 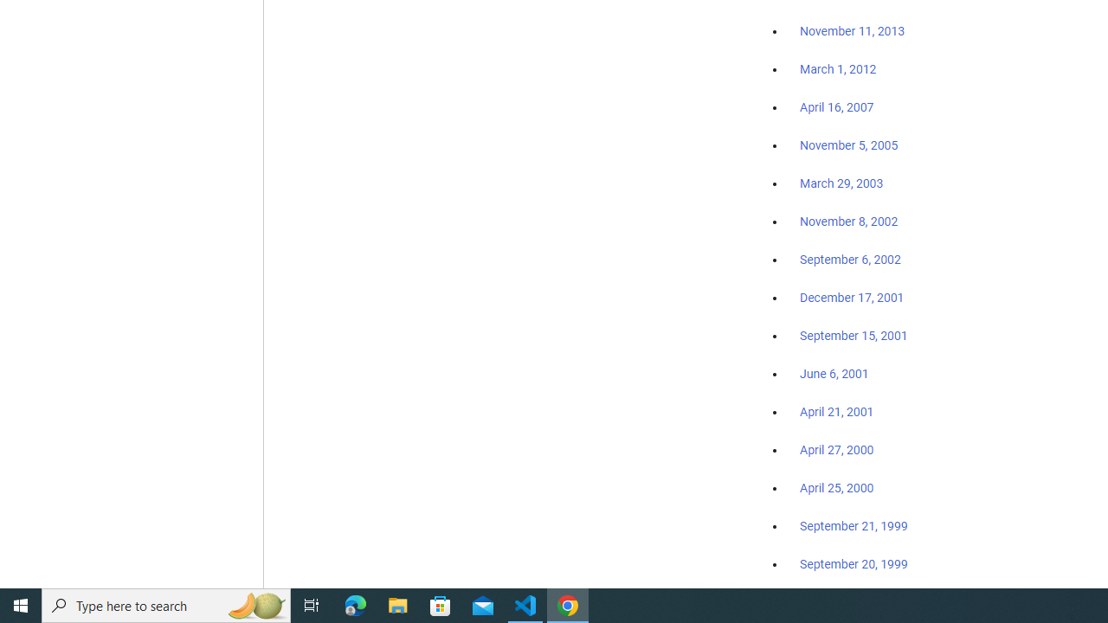 I want to click on 'April 27, 2000', so click(x=837, y=449).